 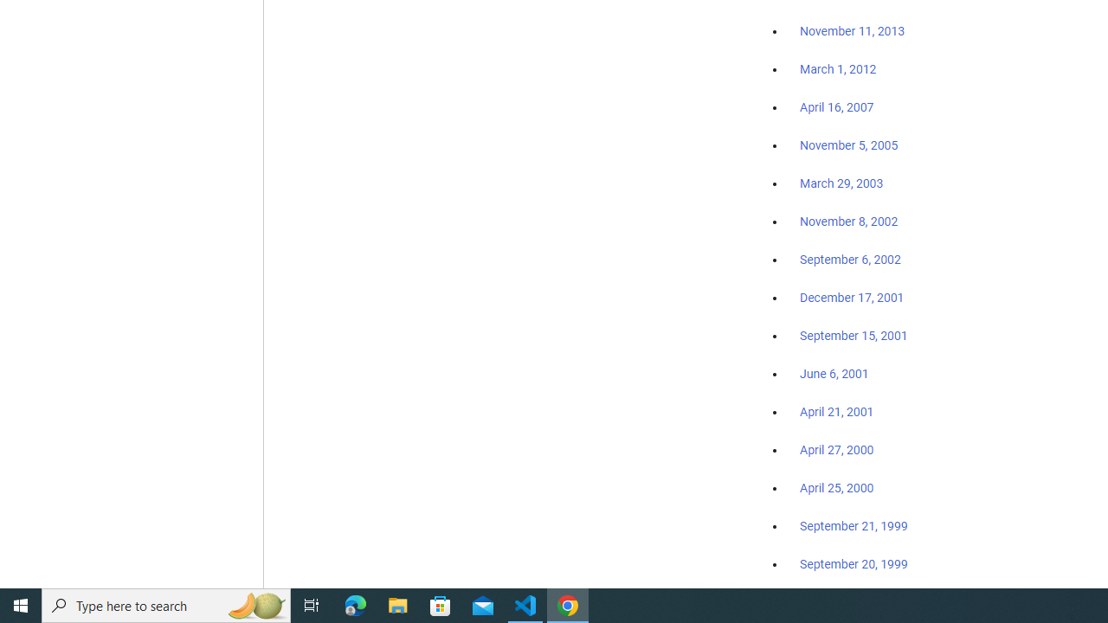 I want to click on 'April 27, 2000', so click(x=837, y=449).